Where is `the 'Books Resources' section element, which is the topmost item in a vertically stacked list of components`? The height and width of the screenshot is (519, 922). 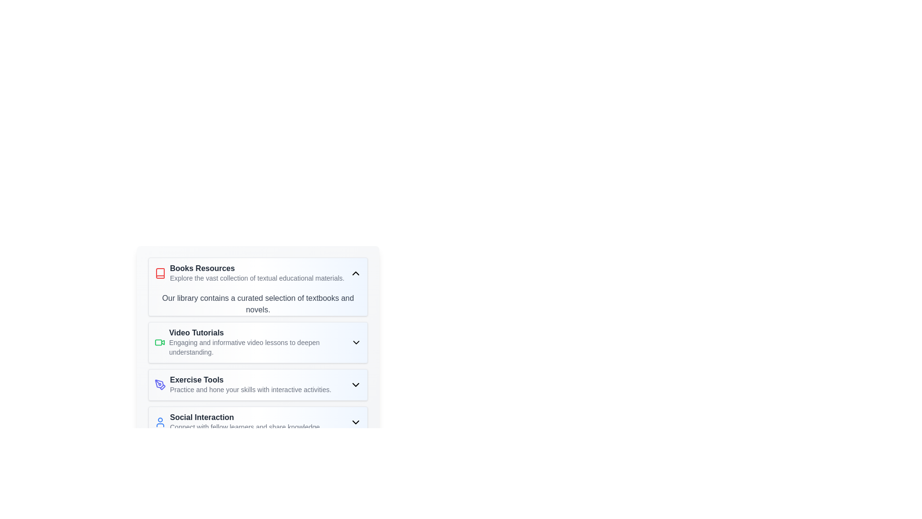 the 'Books Resources' section element, which is the topmost item in a vertically stacked list of components is located at coordinates (249, 273).